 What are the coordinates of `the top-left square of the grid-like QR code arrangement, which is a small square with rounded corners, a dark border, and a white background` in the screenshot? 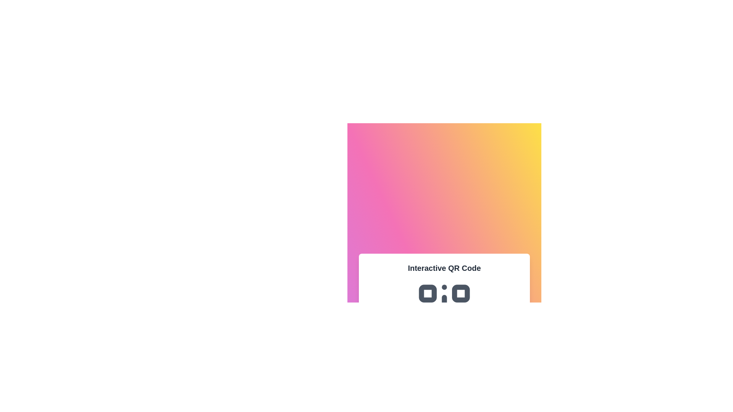 It's located at (428, 293).